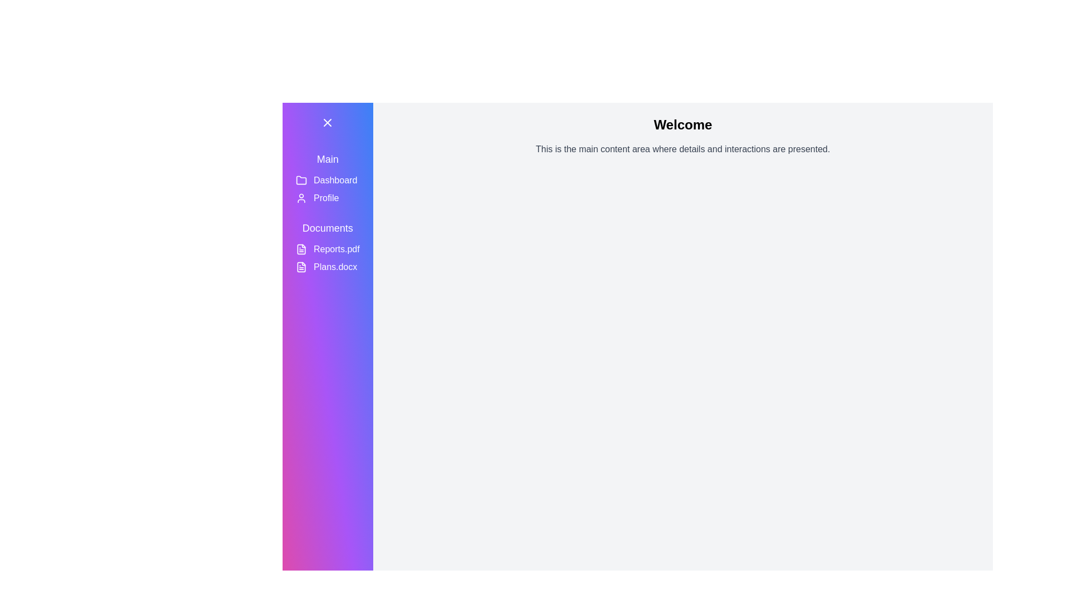 The image size is (1068, 600). Describe the element at coordinates (327, 122) in the screenshot. I see `the white 'X' icon button located at the top of the gradient-colored sidebar` at that location.